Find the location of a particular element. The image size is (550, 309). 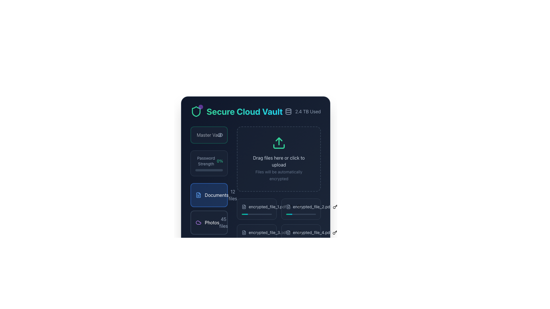

the label indicating storage usage in the cloud vault system, which is located to the right of the 'Secure Cloud Vault' label in the header area is located at coordinates (302, 111).